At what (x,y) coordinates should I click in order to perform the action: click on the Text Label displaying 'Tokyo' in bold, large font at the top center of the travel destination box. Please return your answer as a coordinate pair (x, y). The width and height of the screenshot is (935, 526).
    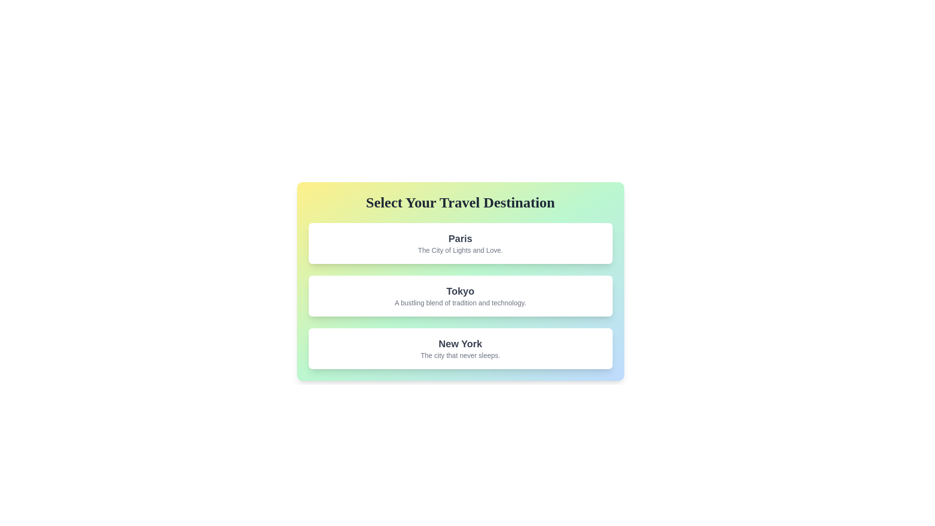
    Looking at the image, I should click on (460, 290).